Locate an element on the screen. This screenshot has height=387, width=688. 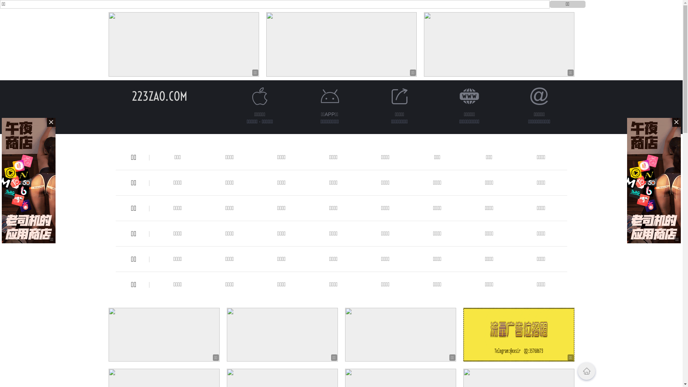
'223ZAO.COM' is located at coordinates (159, 96).